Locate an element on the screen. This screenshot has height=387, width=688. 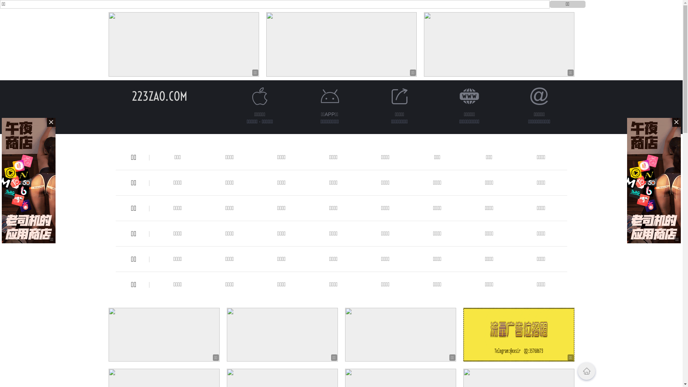
'223ZAO.COM' is located at coordinates (159, 96).